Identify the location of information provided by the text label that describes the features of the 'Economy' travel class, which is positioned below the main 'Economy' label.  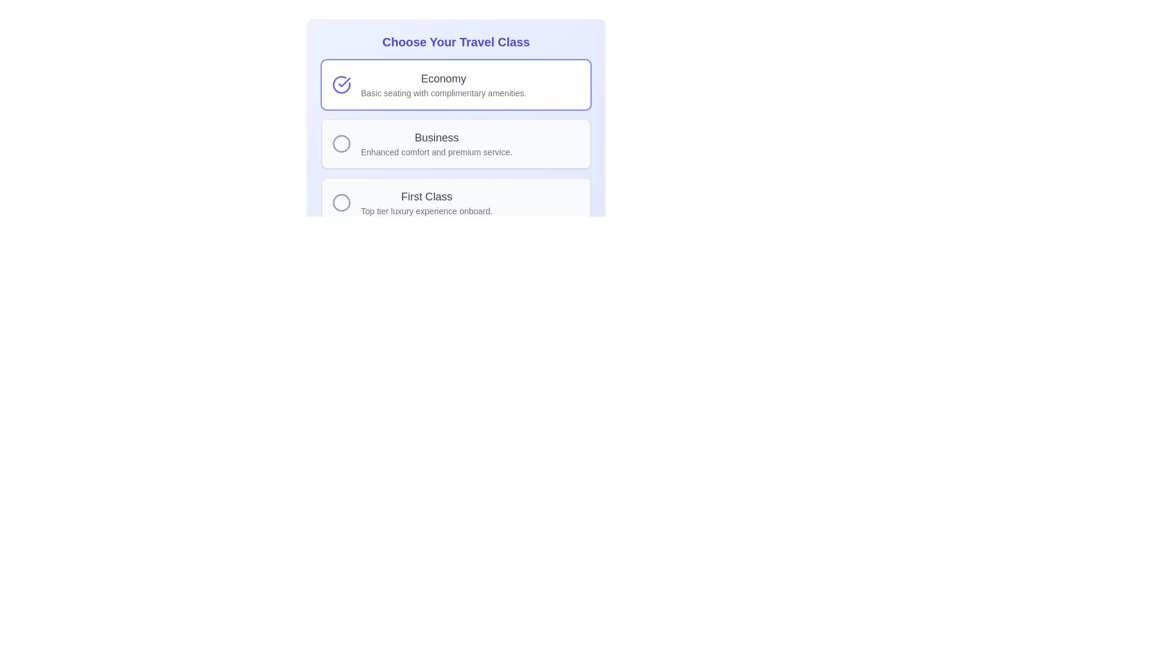
(443, 92).